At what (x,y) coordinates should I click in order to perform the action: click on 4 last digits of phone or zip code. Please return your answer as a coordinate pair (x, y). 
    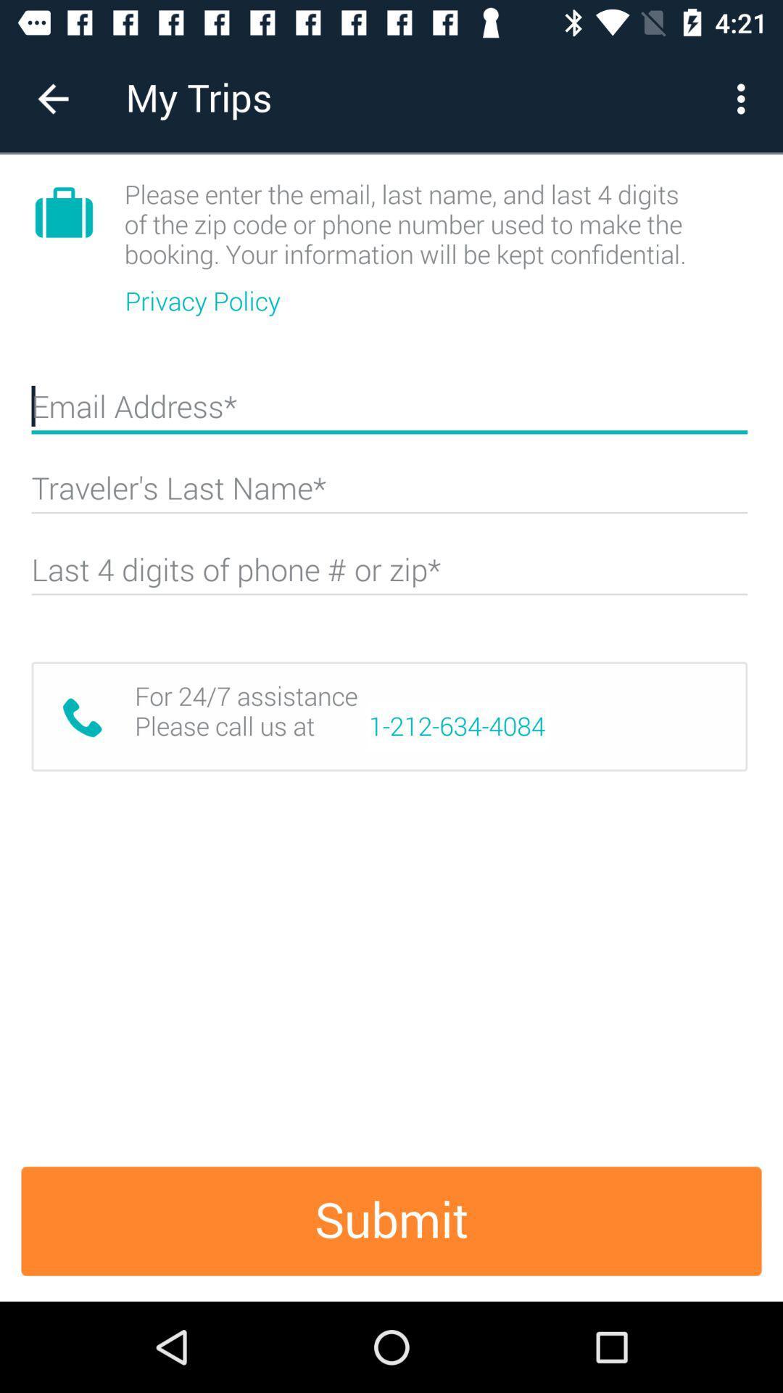
    Looking at the image, I should click on (389, 575).